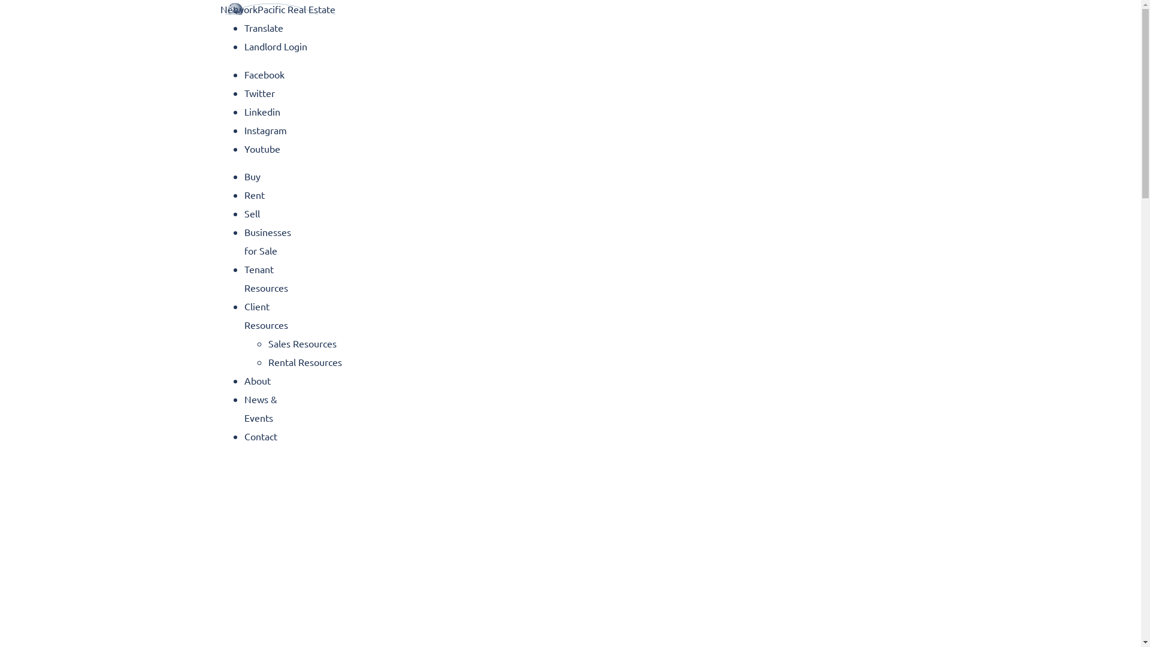 Image resolution: width=1150 pixels, height=647 pixels. I want to click on 'Landlord Login', so click(244, 46).